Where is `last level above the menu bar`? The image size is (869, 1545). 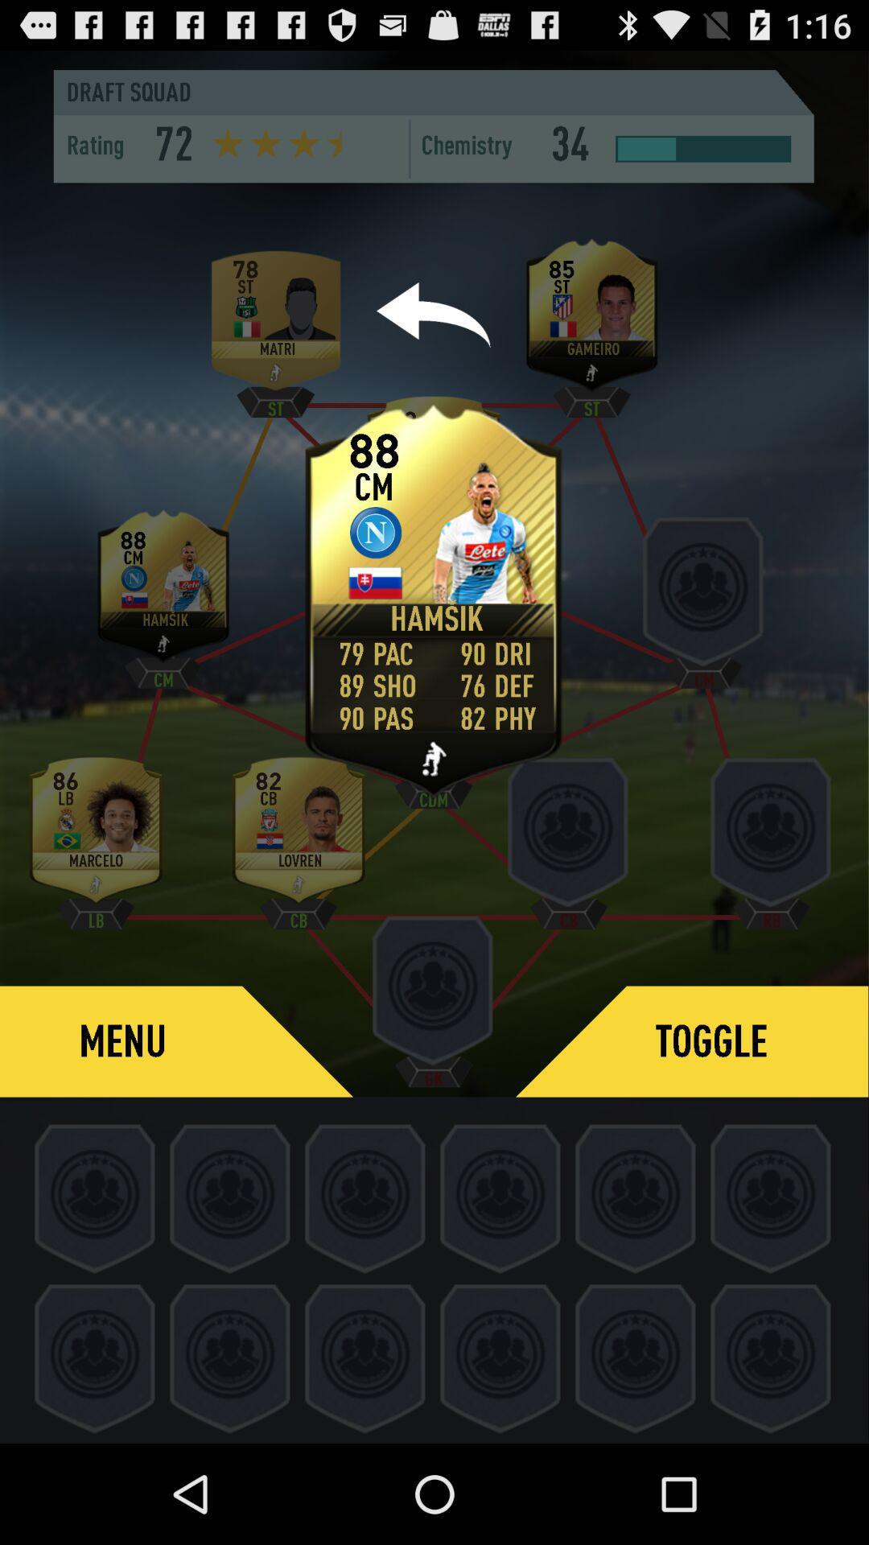 last level above the menu bar is located at coordinates (298, 833).